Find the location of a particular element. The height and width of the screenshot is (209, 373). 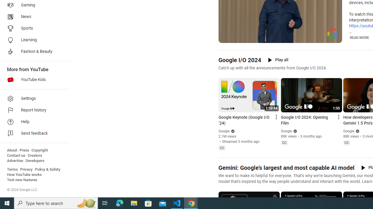

'Sports' is located at coordinates (33, 28).